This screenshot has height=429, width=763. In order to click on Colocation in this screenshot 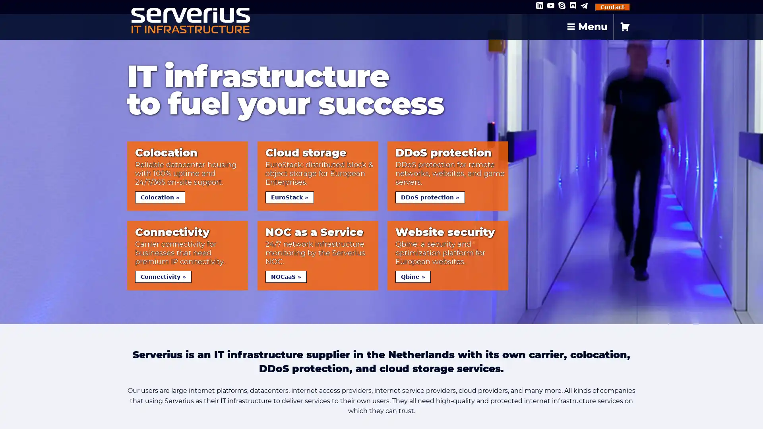, I will do `click(160, 197)`.